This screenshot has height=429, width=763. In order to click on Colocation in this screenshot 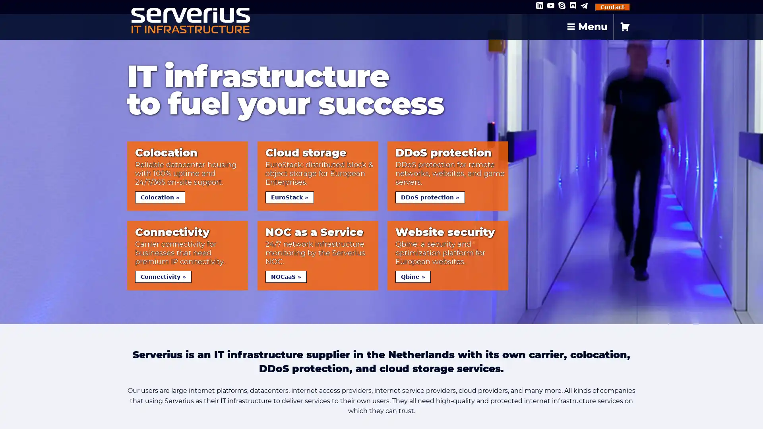, I will do `click(160, 197)`.